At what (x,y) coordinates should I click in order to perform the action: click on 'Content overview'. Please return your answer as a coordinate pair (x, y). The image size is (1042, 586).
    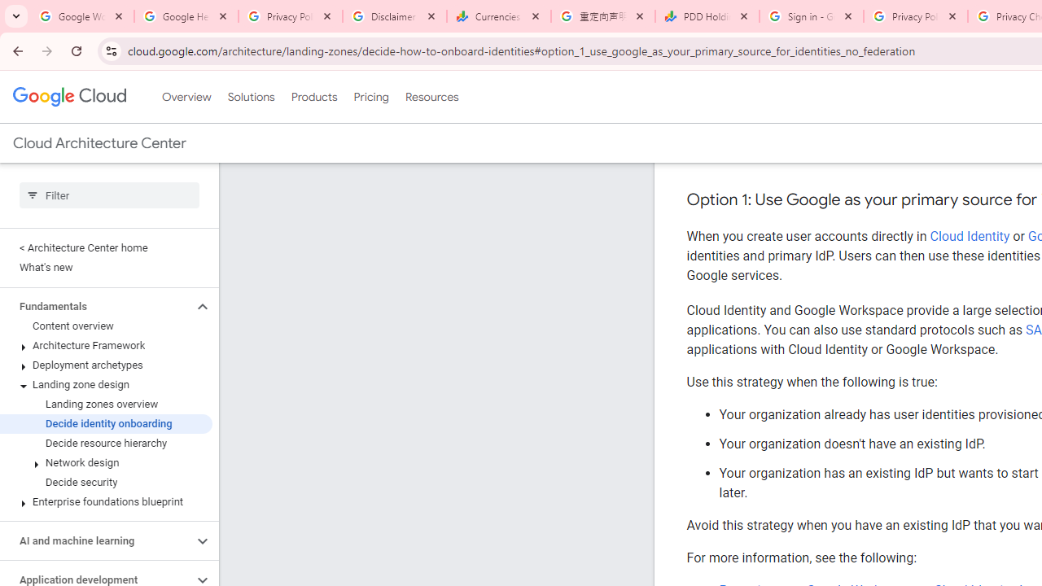
    Looking at the image, I should click on (105, 326).